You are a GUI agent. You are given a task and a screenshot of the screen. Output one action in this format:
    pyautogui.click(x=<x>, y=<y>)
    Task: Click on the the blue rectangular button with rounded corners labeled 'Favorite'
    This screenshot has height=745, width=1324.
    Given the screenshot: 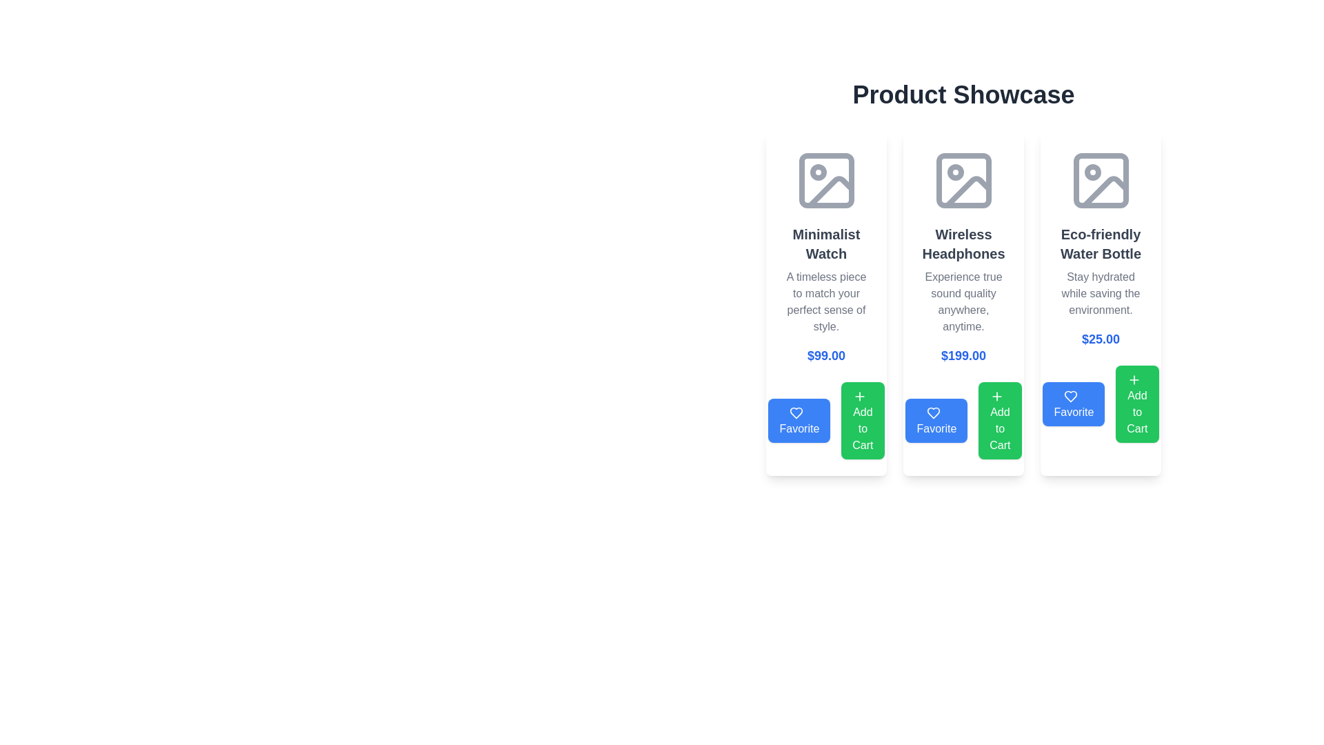 What is the action you would take?
    pyautogui.click(x=1073, y=404)
    